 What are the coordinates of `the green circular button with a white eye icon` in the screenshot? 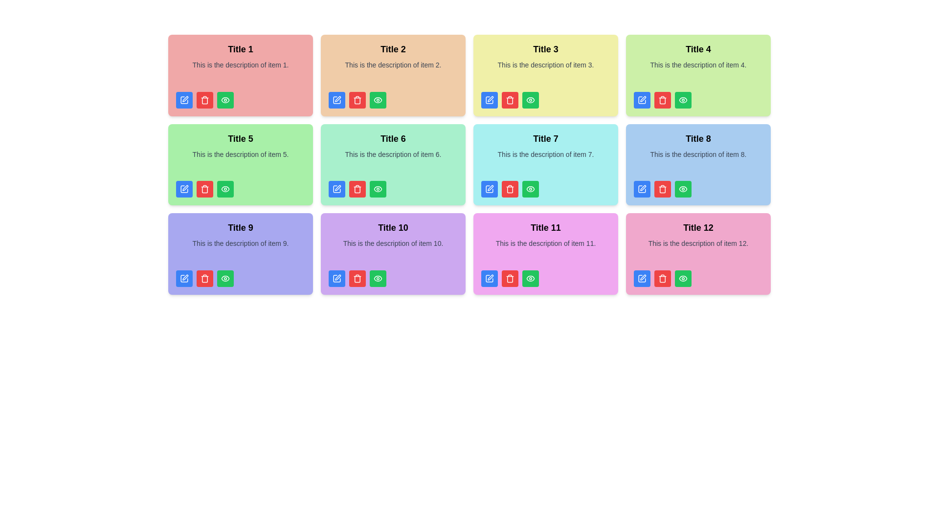 It's located at (377, 100).